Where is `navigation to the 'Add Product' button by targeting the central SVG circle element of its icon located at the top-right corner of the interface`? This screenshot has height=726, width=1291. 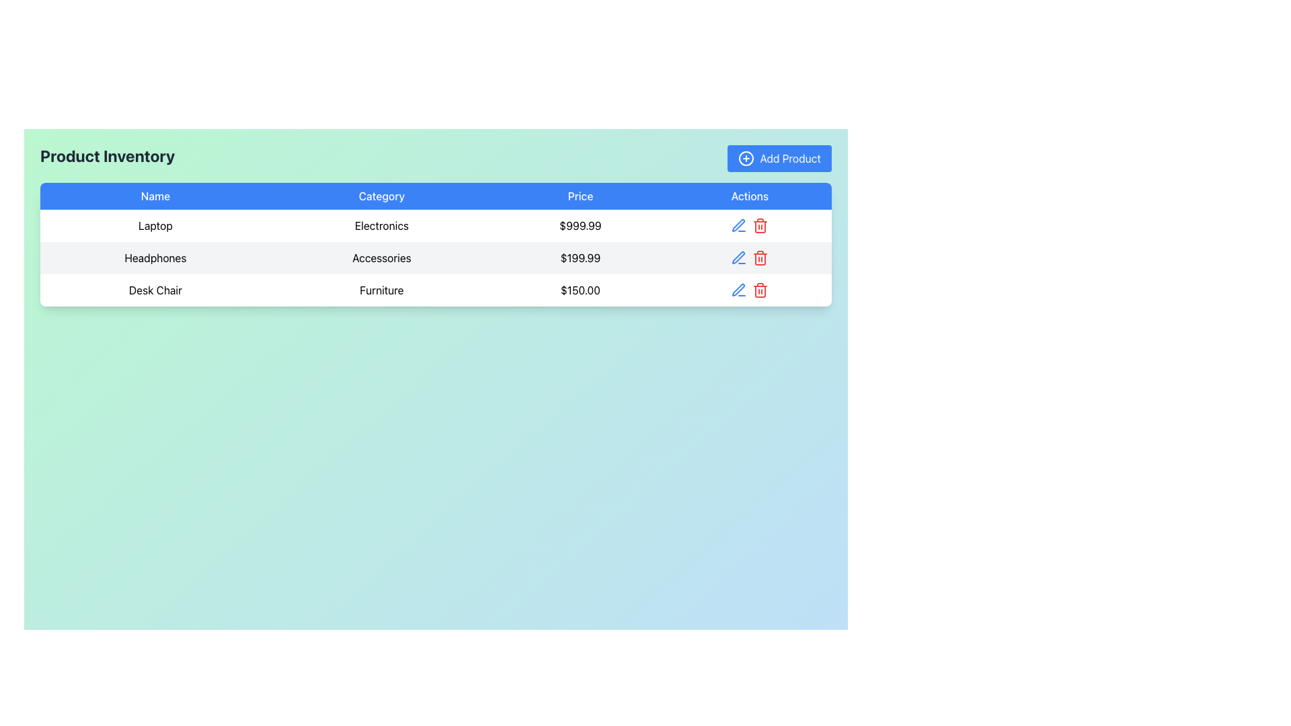
navigation to the 'Add Product' button by targeting the central SVG circle element of its icon located at the top-right corner of the interface is located at coordinates (746, 157).